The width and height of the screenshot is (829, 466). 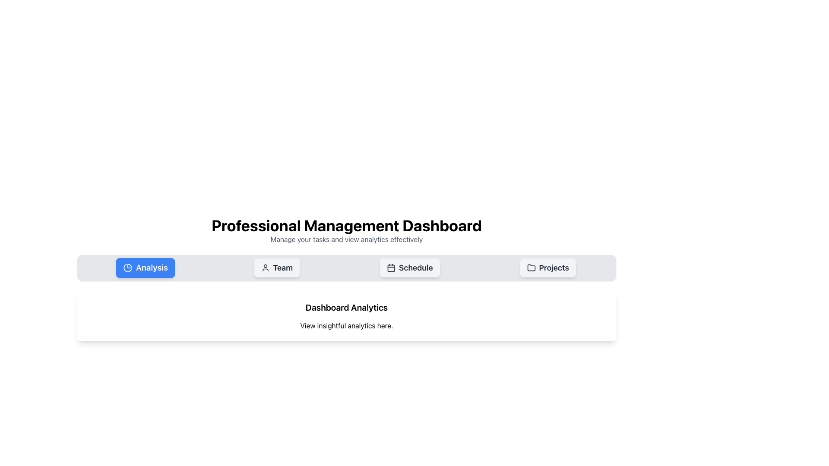 What do you see at coordinates (391, 268) in the screenshot?
I see `the calendar icon styled as an outline in dark color, located to the left of the text 'Schedule' in the navigation bar` at bounding box center [391, 268].